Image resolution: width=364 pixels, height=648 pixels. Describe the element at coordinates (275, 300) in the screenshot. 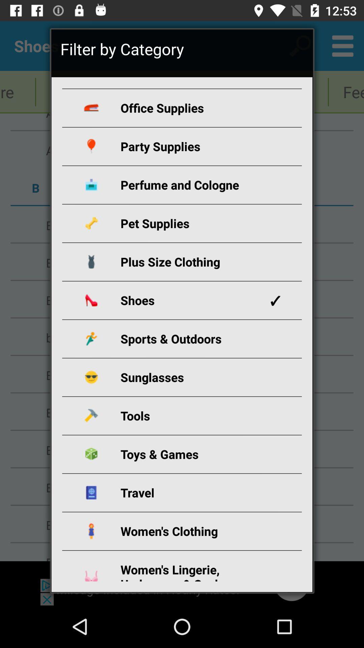

I see `the app on the right` at that location.